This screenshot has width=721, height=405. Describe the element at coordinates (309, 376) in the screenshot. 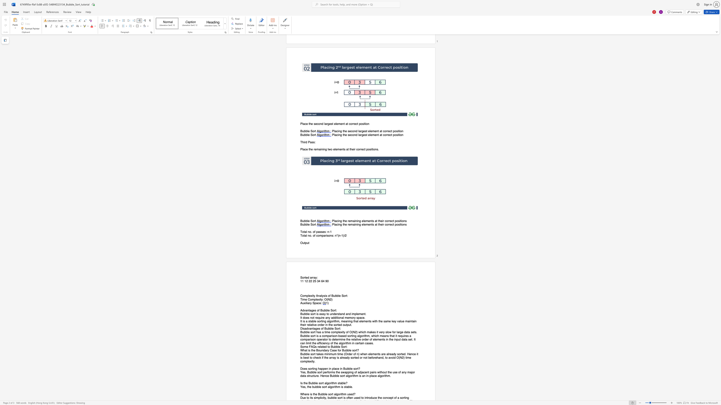

I see `the 8th character "t" in the text` at that location.